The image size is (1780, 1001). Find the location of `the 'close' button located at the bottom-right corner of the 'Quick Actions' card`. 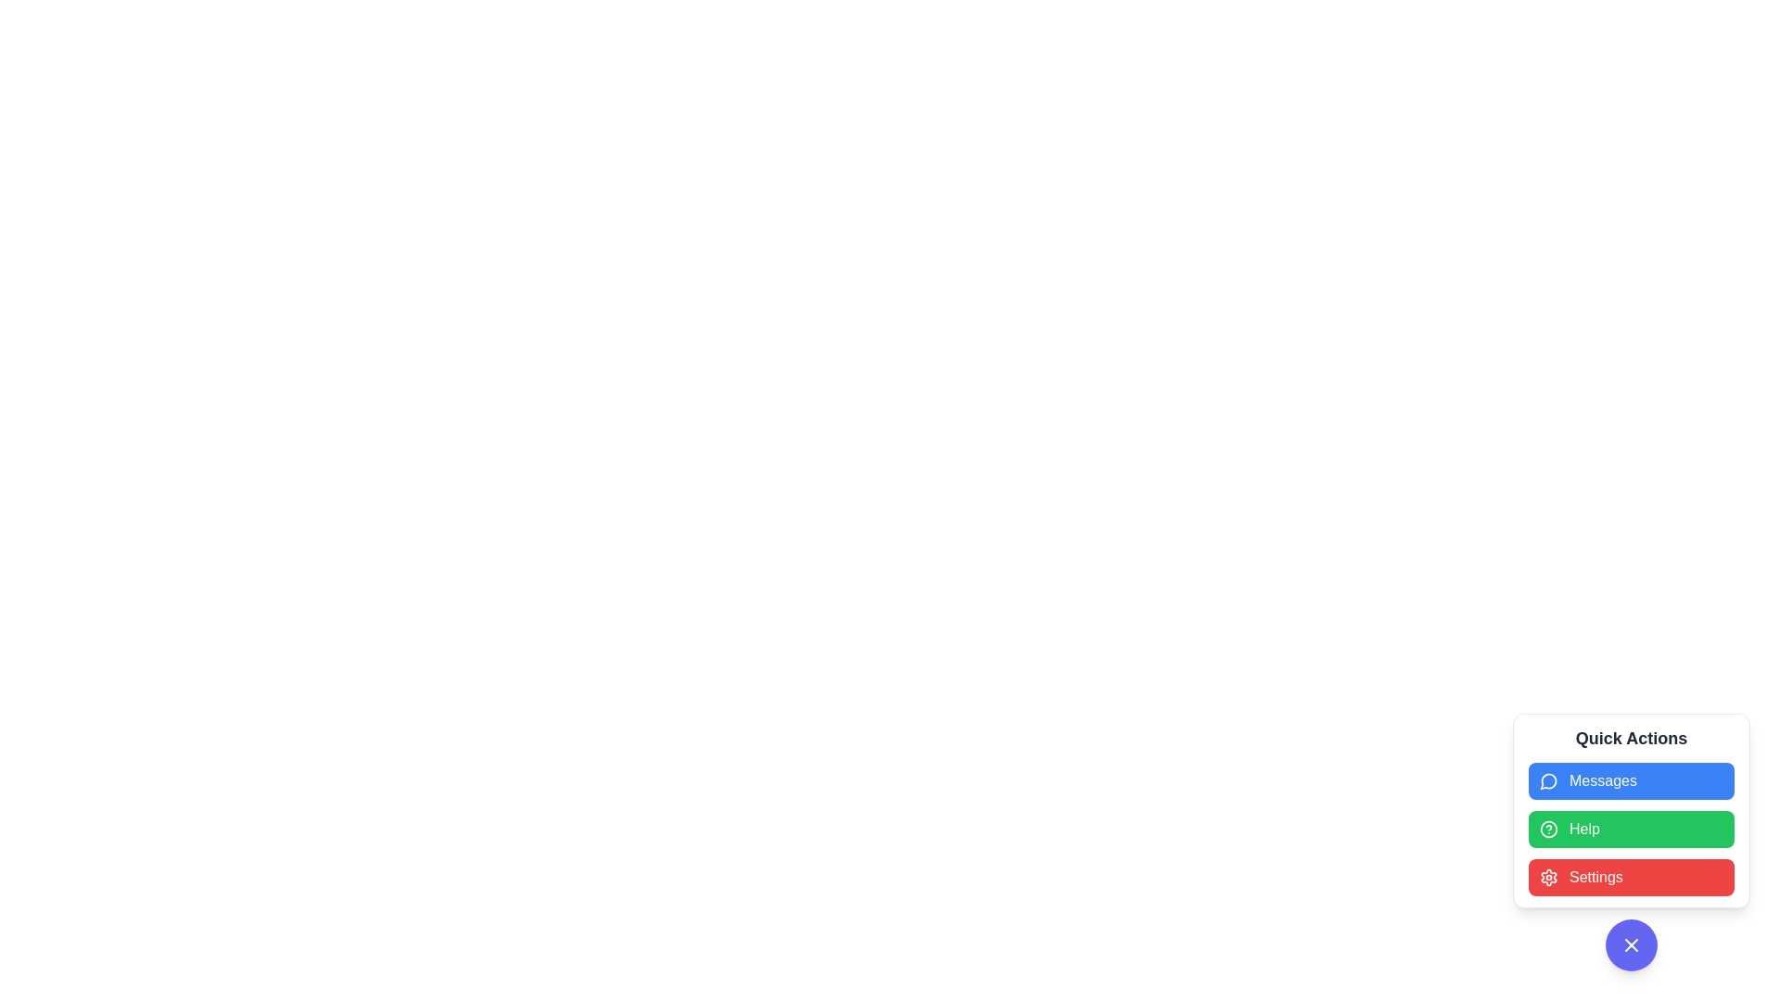

the 'close' button located at the bottom-right corner of the 'Quick Actions' card is located at coordinates (1632, 944).